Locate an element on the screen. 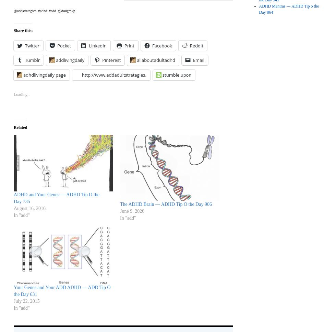 The width and height of the screenshot is (336, 332). 'Related' is located at coordinates (20, 126).